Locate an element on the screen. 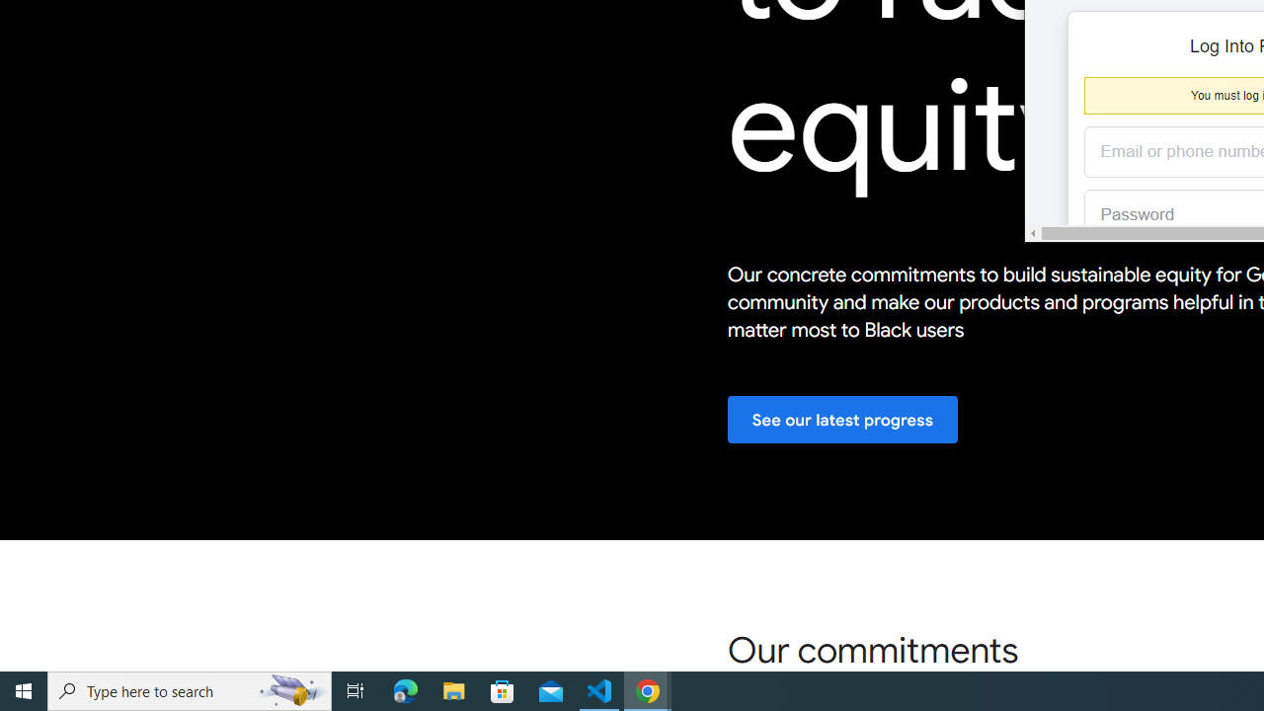 This screenshot has height=711, width=1264. 'Visual Studio Code - 1 running window' is located at coordinates (598, 689).